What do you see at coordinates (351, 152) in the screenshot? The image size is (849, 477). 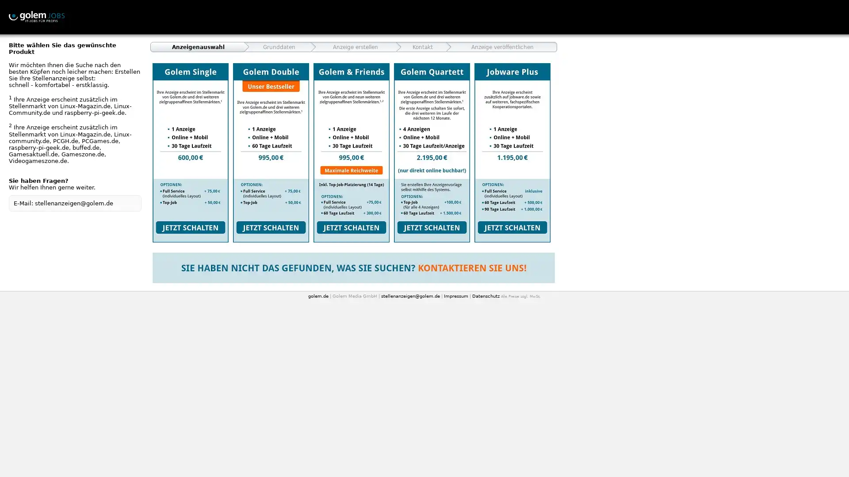 I see `Submit` at bounding box center [351, 152].